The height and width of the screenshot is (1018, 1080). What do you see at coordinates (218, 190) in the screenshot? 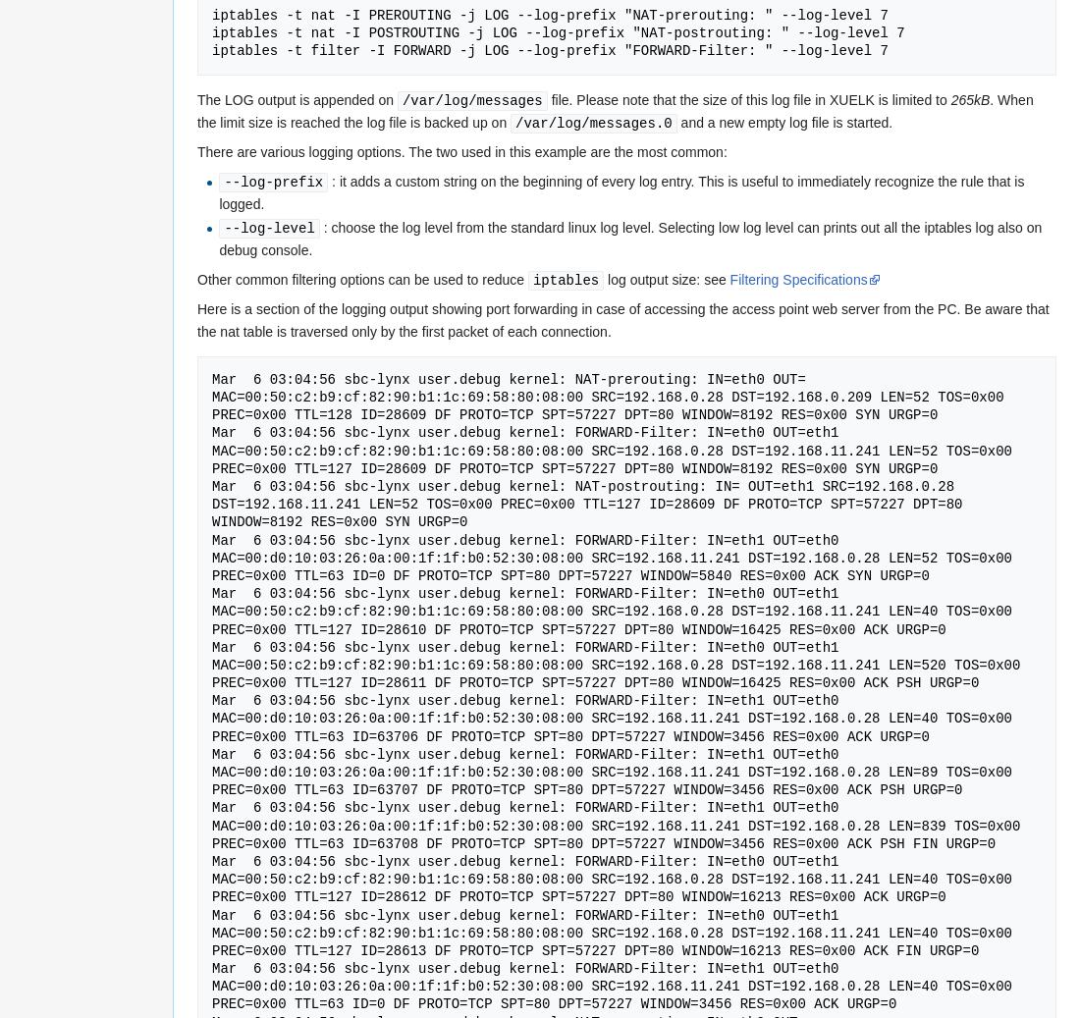
I see `': it adds a custom string on the beginning of every log entry. This is useful to immediately recognize the rule that is logged.'` at bounding box center [218, 190].